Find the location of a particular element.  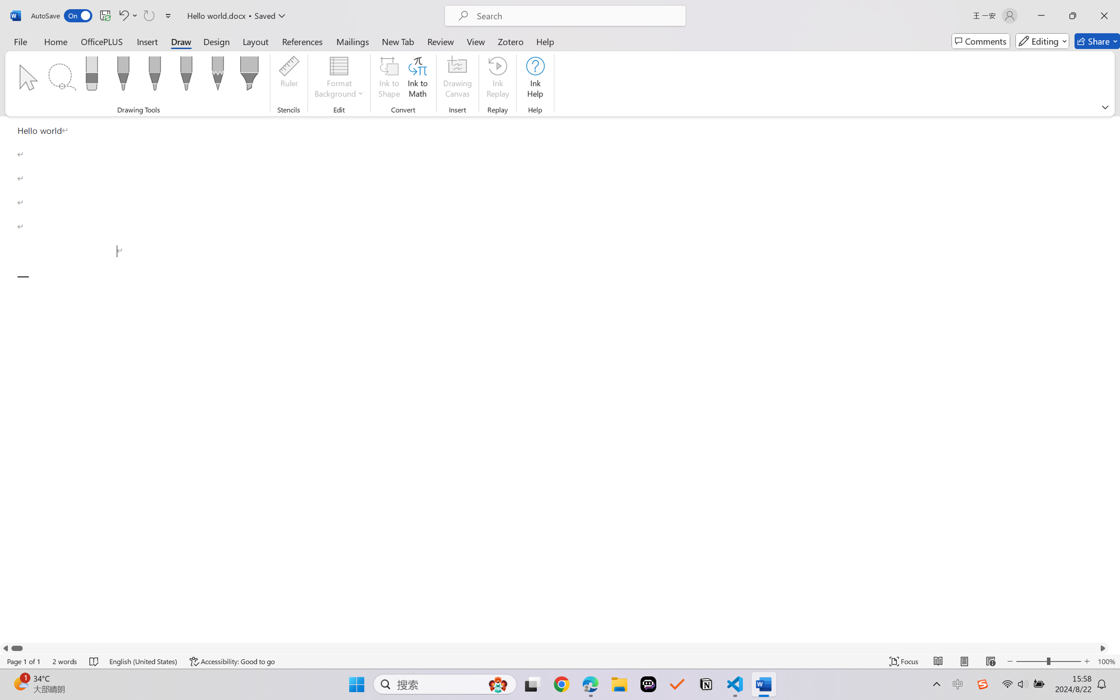

'File Tab' is located at coordinates (20, 41).